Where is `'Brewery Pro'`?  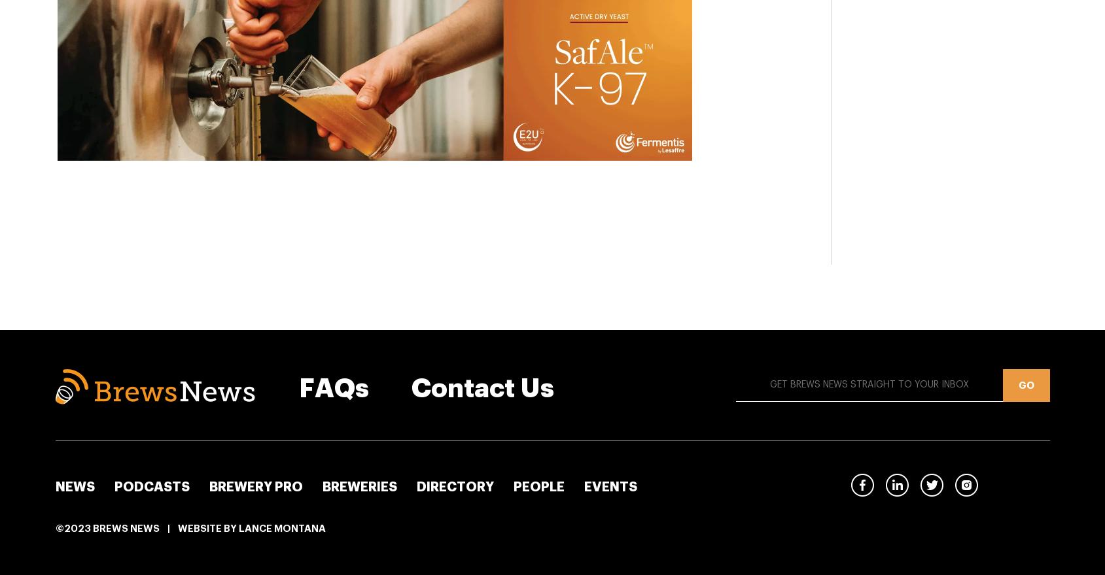 'Brewery Pro' is located at coordinates (254, 486).